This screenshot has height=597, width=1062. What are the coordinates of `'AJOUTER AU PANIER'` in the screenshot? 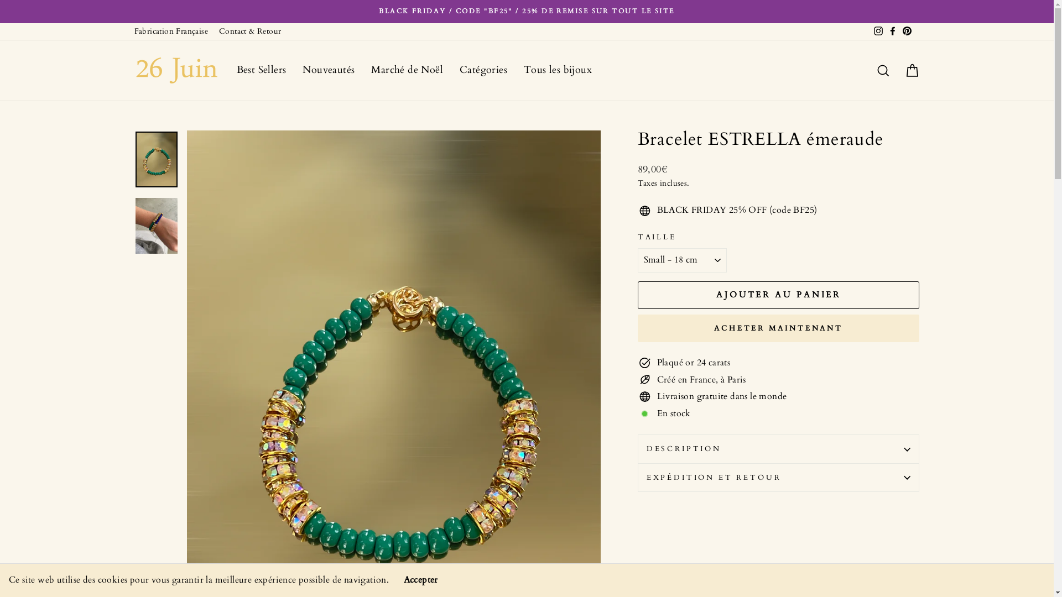 It's located at (778, 294).